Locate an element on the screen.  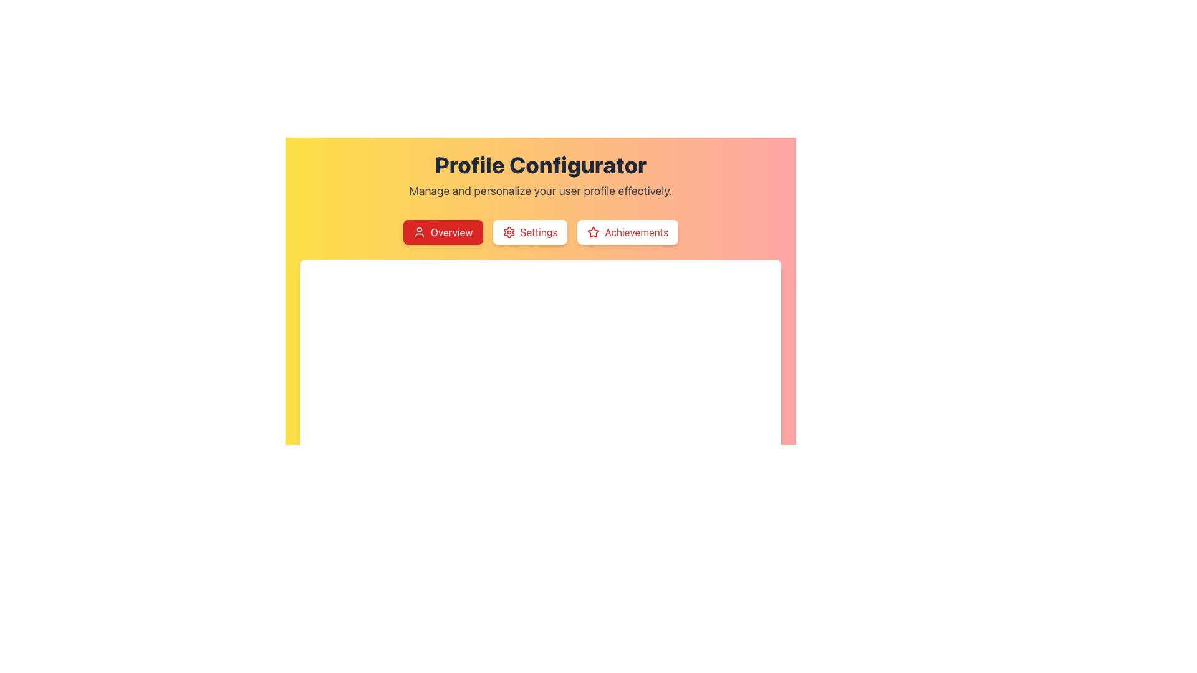
the red 'Overview' button with white text and a user icon, located below the 'Profile Configurator' heading is located at coordinates (443, 232).